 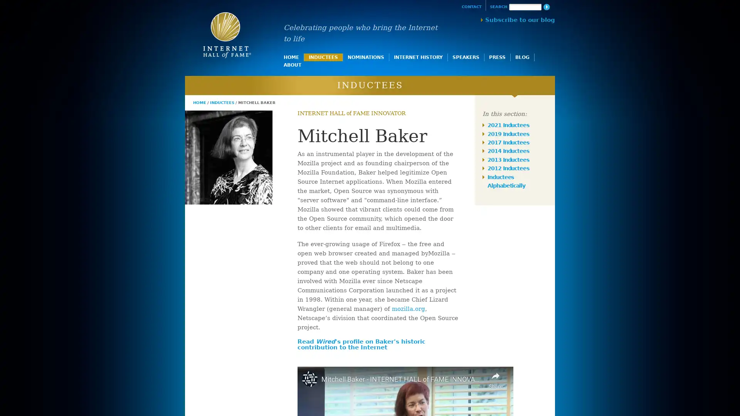 I want to click on Search, so click(x=546, y=7).